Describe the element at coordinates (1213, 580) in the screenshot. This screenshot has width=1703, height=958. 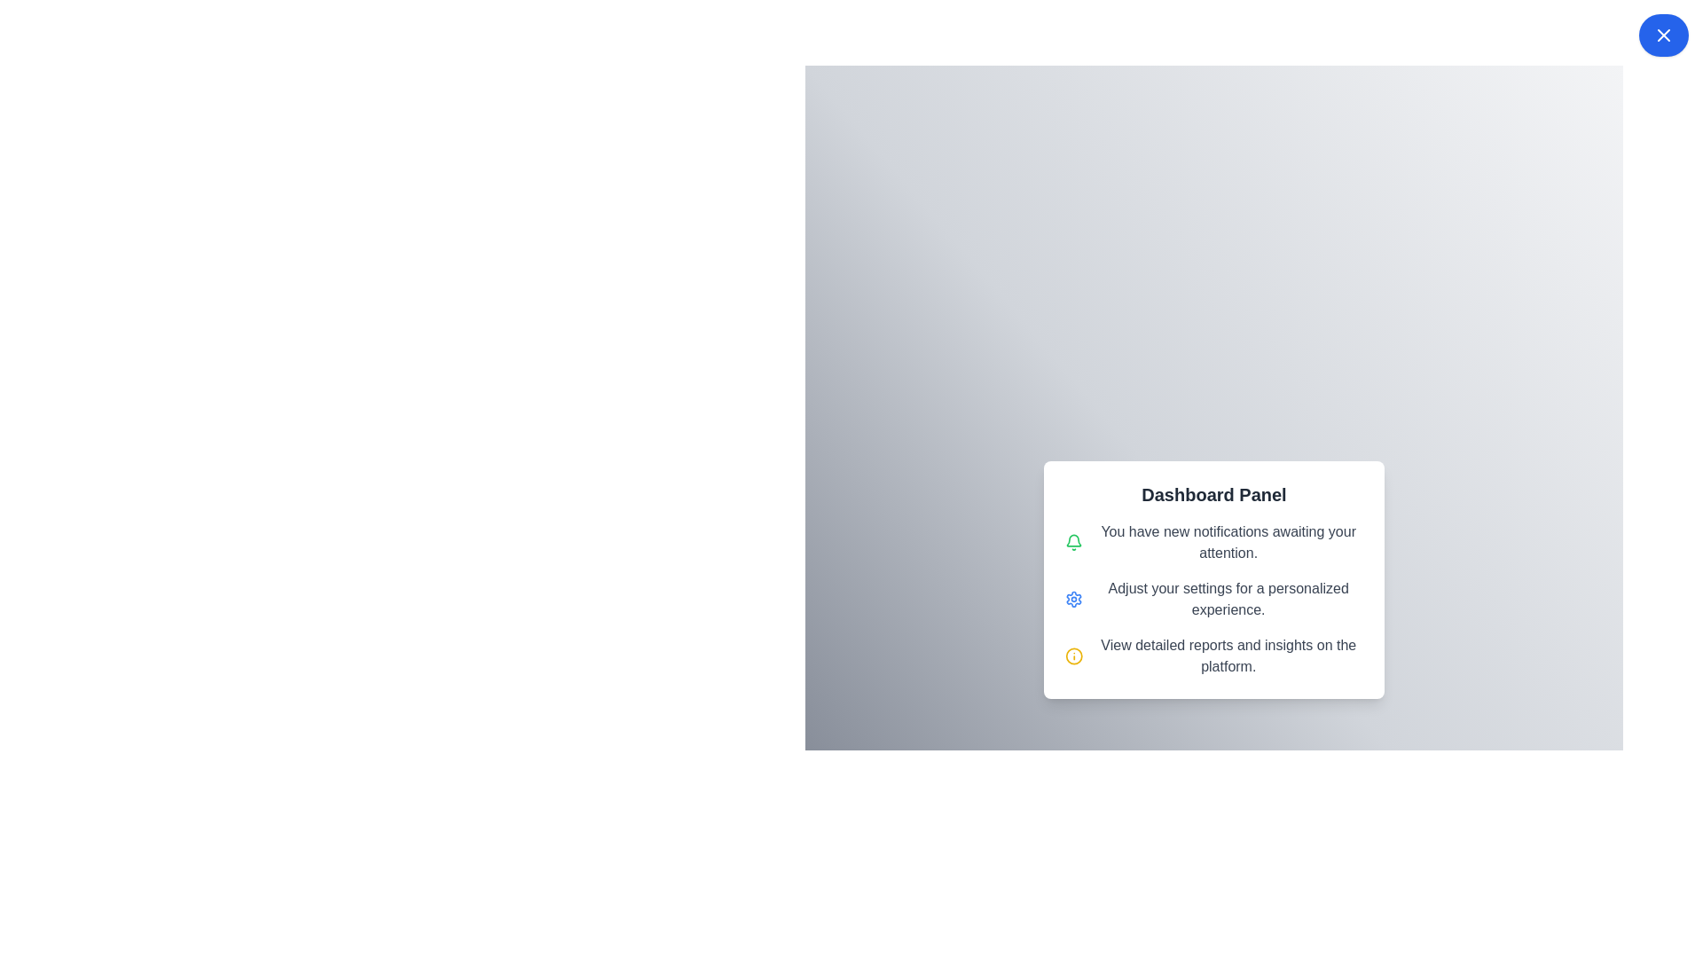
I see `the 'Dashboard Panel' informational text block` at that location.